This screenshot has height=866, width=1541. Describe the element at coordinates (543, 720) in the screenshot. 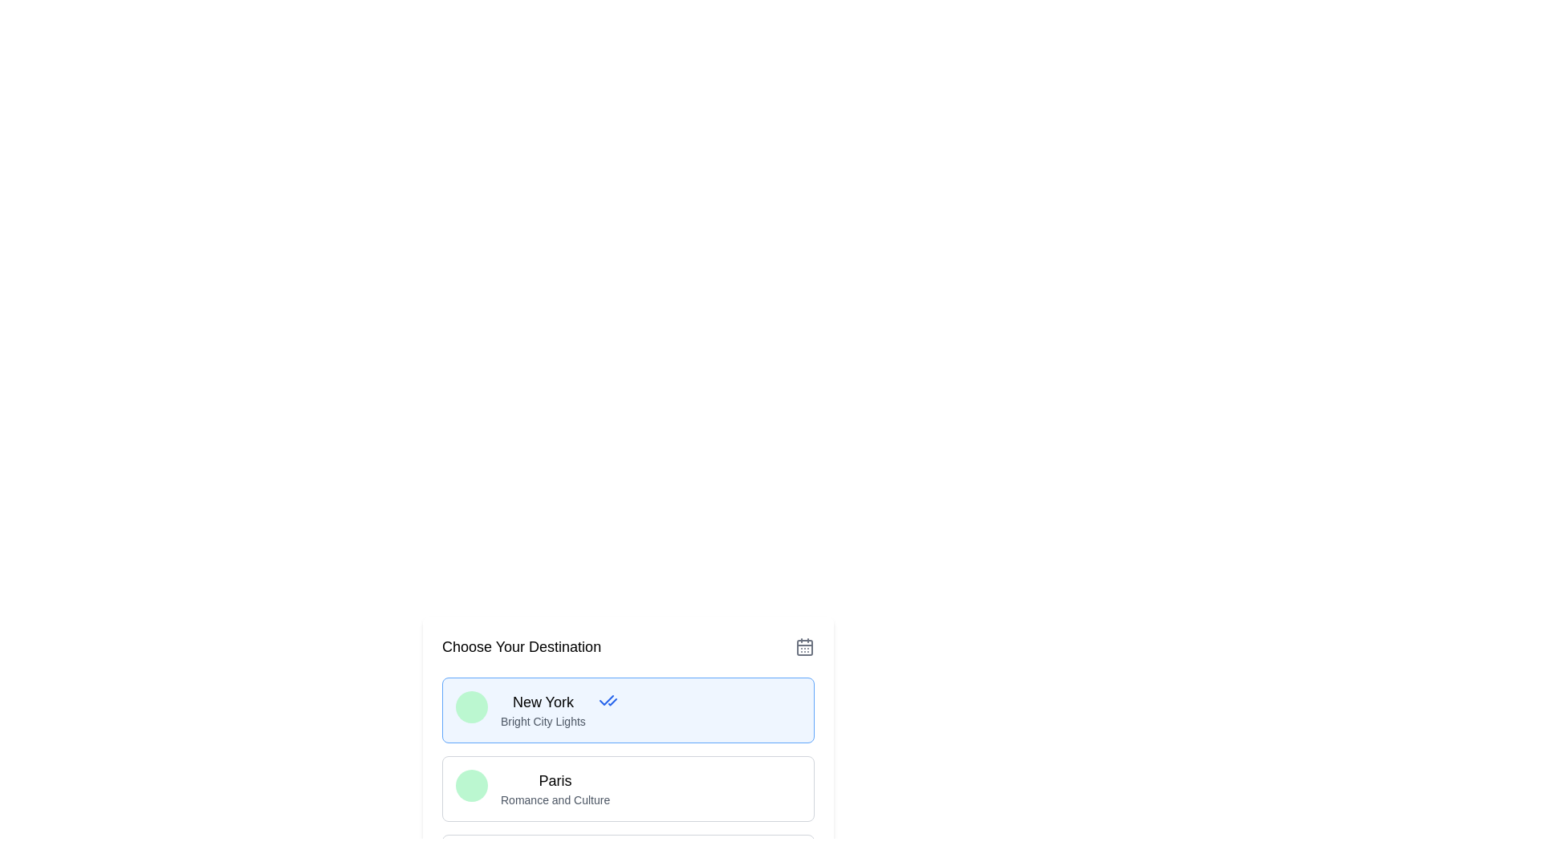

I see `the descriptive text label located below the 'New York' title within the card-like structure` at that location.